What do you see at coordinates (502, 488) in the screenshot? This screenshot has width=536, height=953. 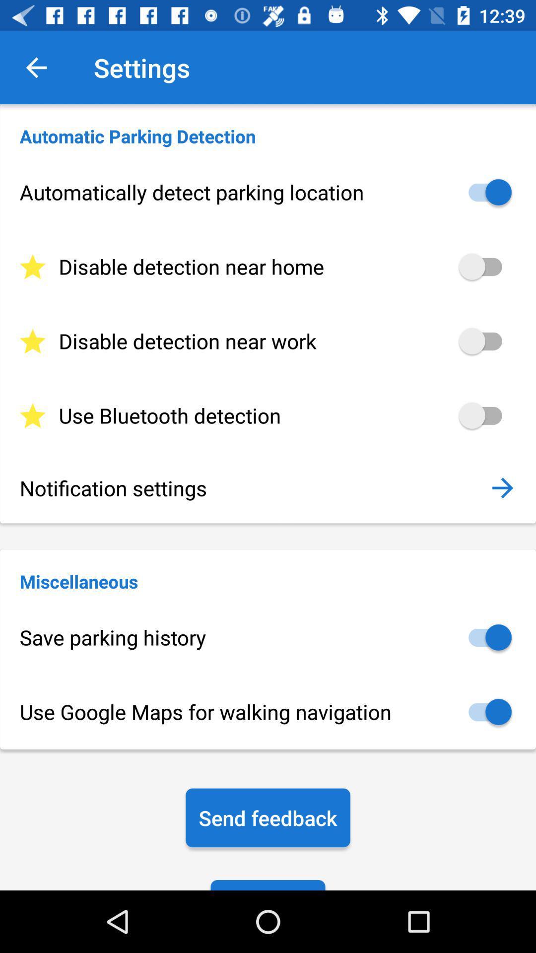 I see `the icon next to notification settings icon` at bounding box center [502, 488].